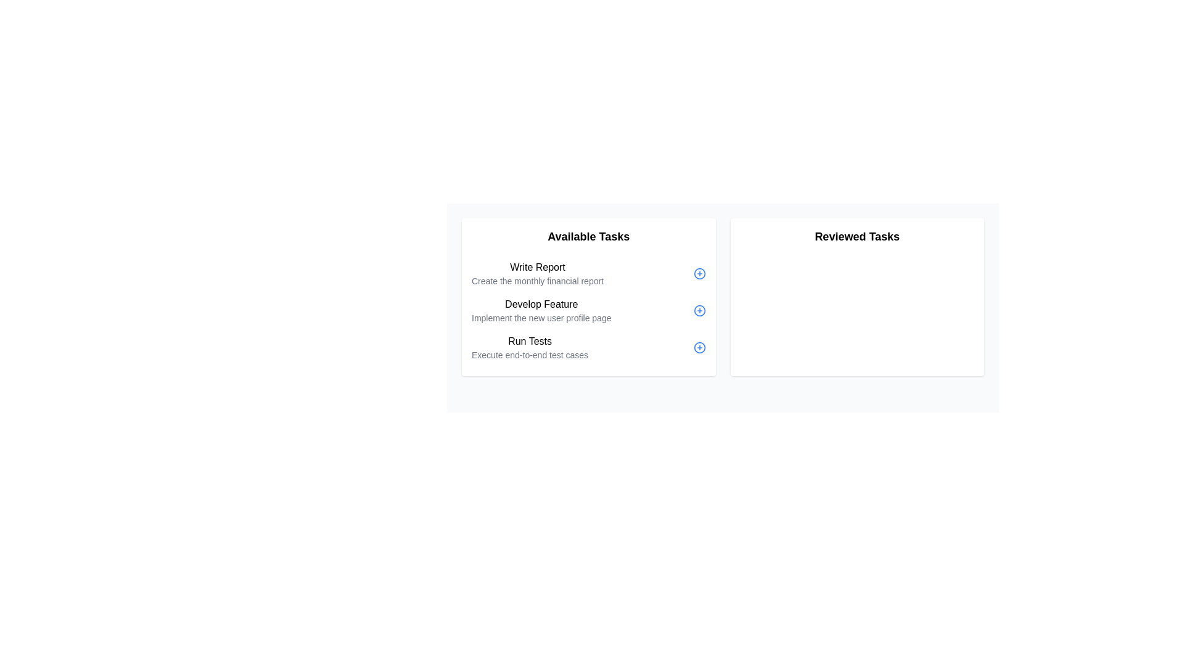 This screenshot has width=1184, height=666. Describe the element at coordinates (530, 347) in the screenshot. I see `the 'Run Tests' text block with the description 'Execute end-to-end test cases'` at that location.